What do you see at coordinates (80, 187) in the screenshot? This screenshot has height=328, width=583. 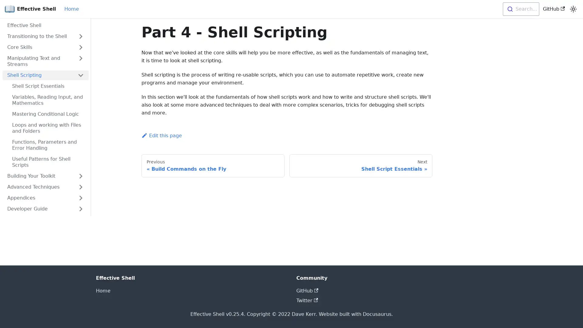 I see `Toggle the collapsible sidebar category 'Advanced Techniques'` at bounding box center [80, 187].